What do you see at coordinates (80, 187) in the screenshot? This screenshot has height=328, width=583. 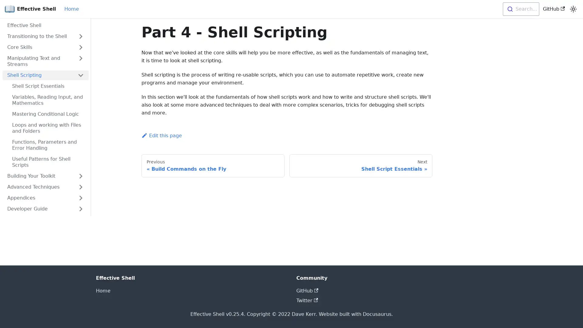 I see `Toggle the collapsible sidebar category 'Advanced Techniques'` at bounding box center [80, 187].